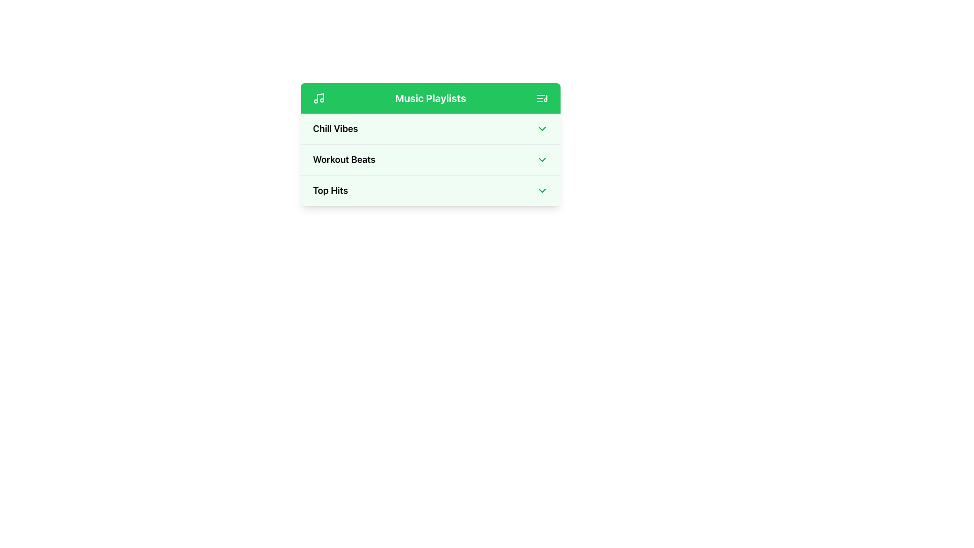 This screenshot has width=974, height=548. Describe the element at coordinates (542, 98) in the screenshot. I see `the music playlist icon located at the far-right edge of the header section of the 'Music Playlists' green card` at that location.